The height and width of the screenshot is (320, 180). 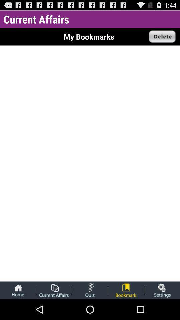 What do you see at coordinates (18, 310) in the screenshot?
I see `the home icon` at bounding box center [18, 310].